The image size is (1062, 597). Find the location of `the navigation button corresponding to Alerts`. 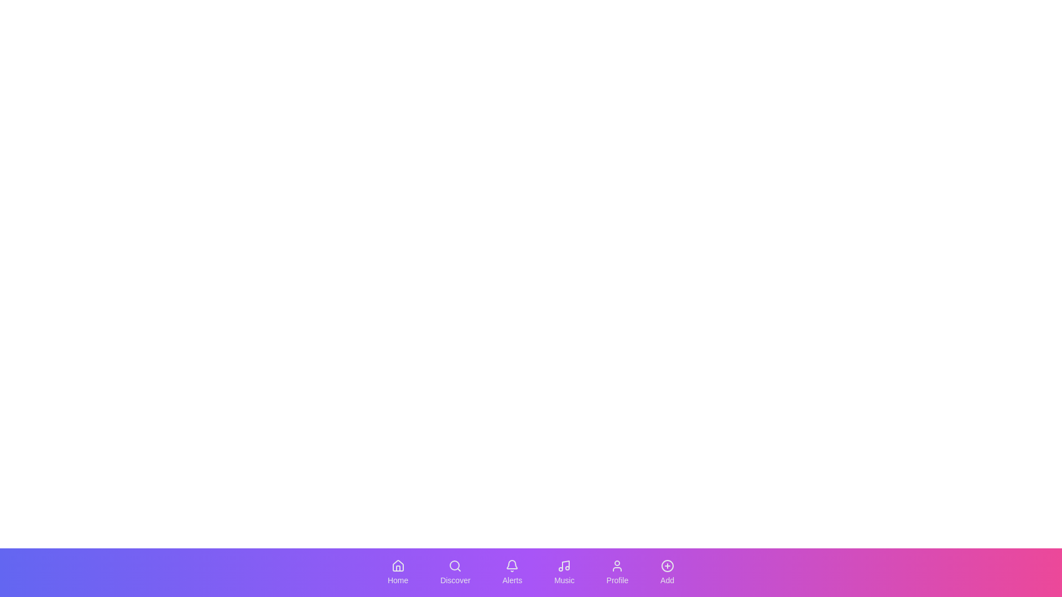

the navigation button corresponding to Alerts is located at coordinates (512, 572).